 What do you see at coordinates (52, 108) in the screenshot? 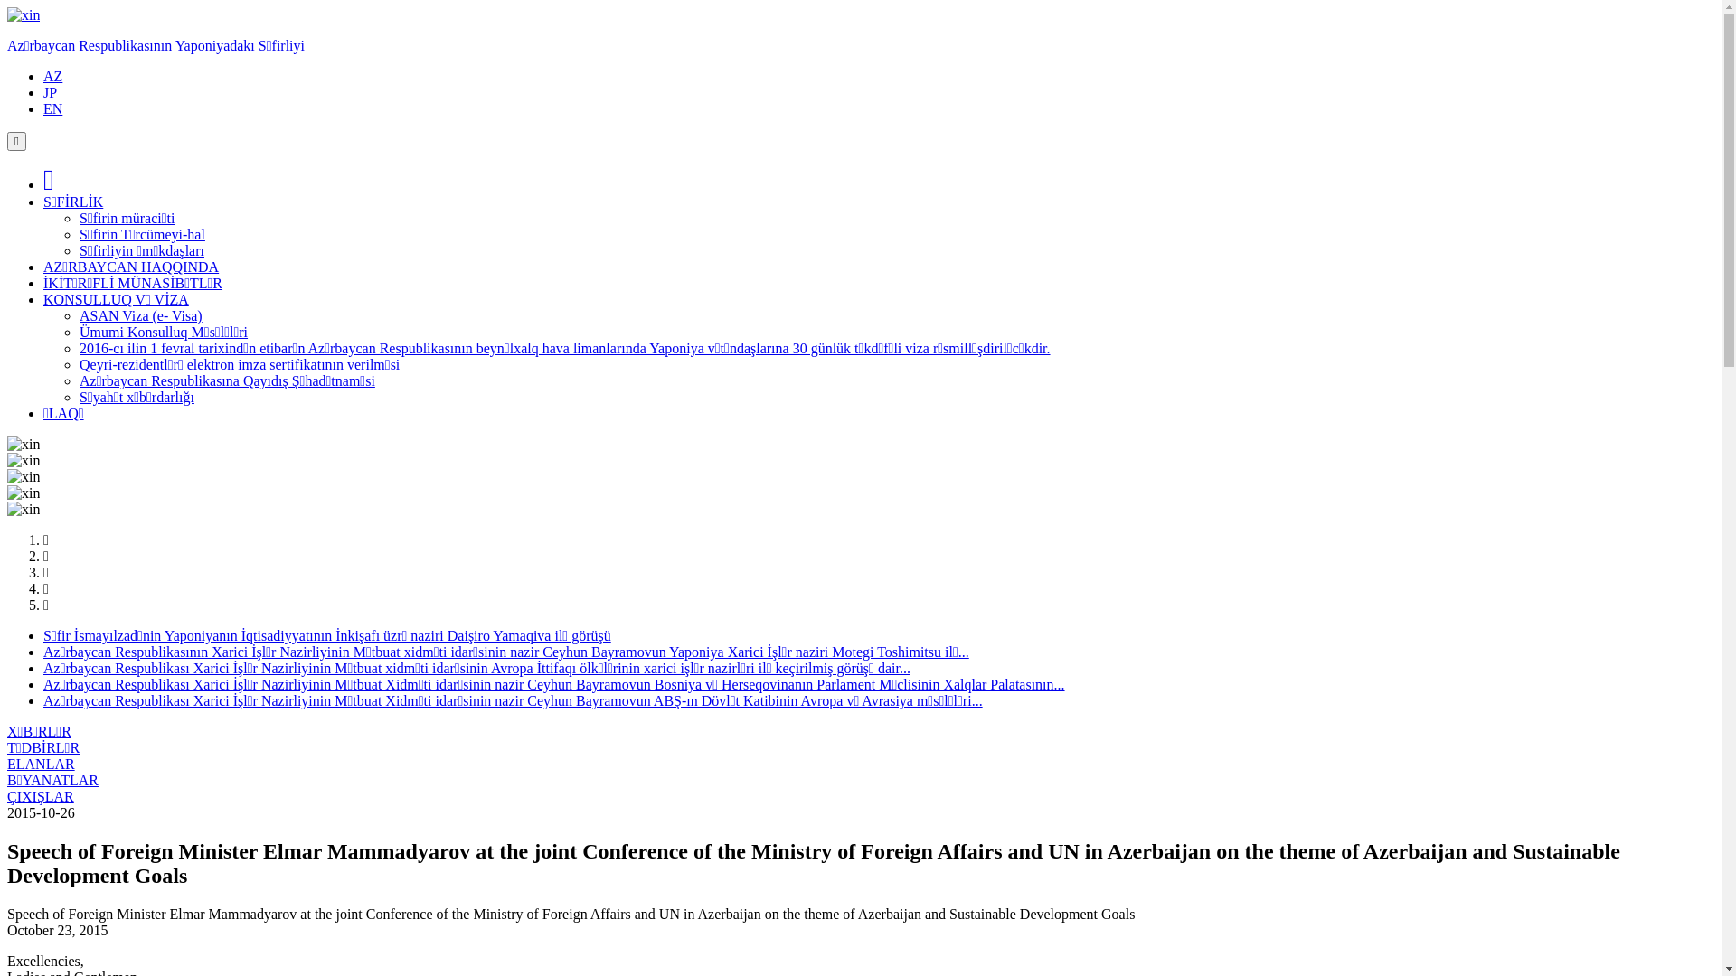
I see `'EN'` at bounding box center [52, 108].